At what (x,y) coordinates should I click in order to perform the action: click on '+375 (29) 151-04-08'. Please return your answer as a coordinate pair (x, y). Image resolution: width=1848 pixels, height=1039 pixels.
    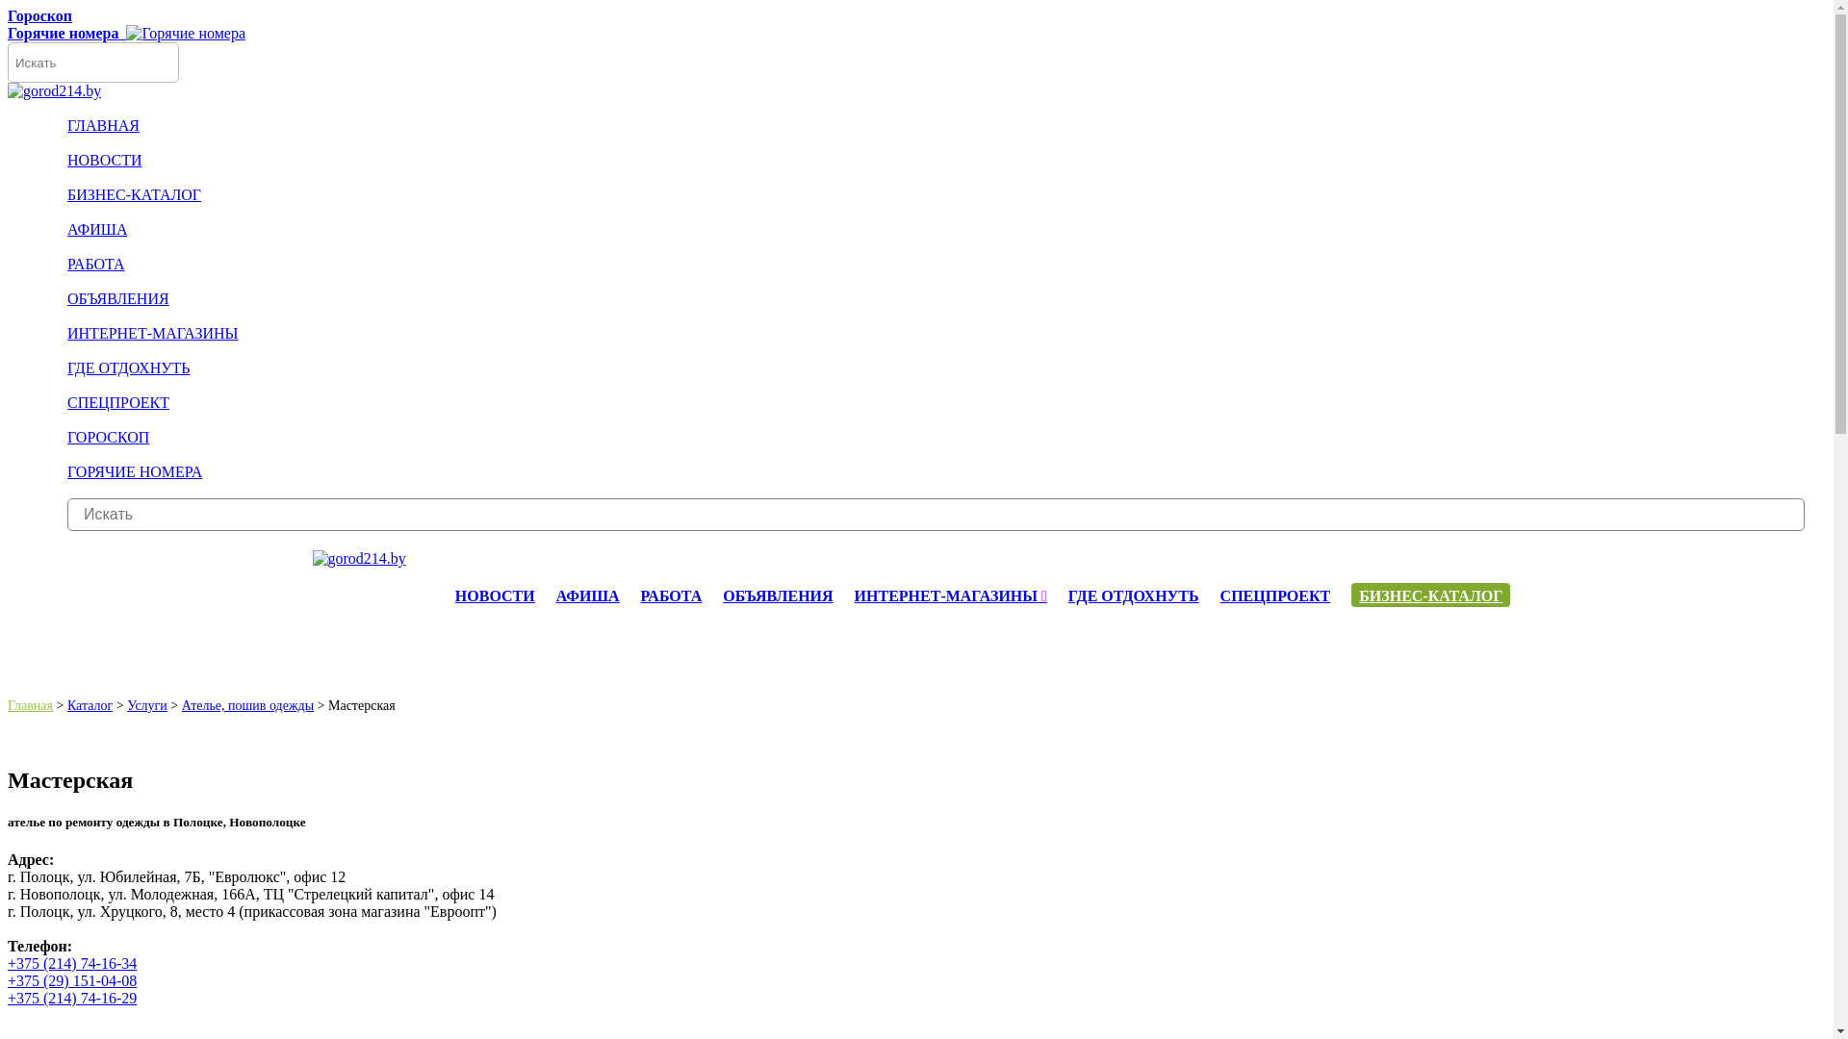
    Looking at the image, I should click on (72, 980).